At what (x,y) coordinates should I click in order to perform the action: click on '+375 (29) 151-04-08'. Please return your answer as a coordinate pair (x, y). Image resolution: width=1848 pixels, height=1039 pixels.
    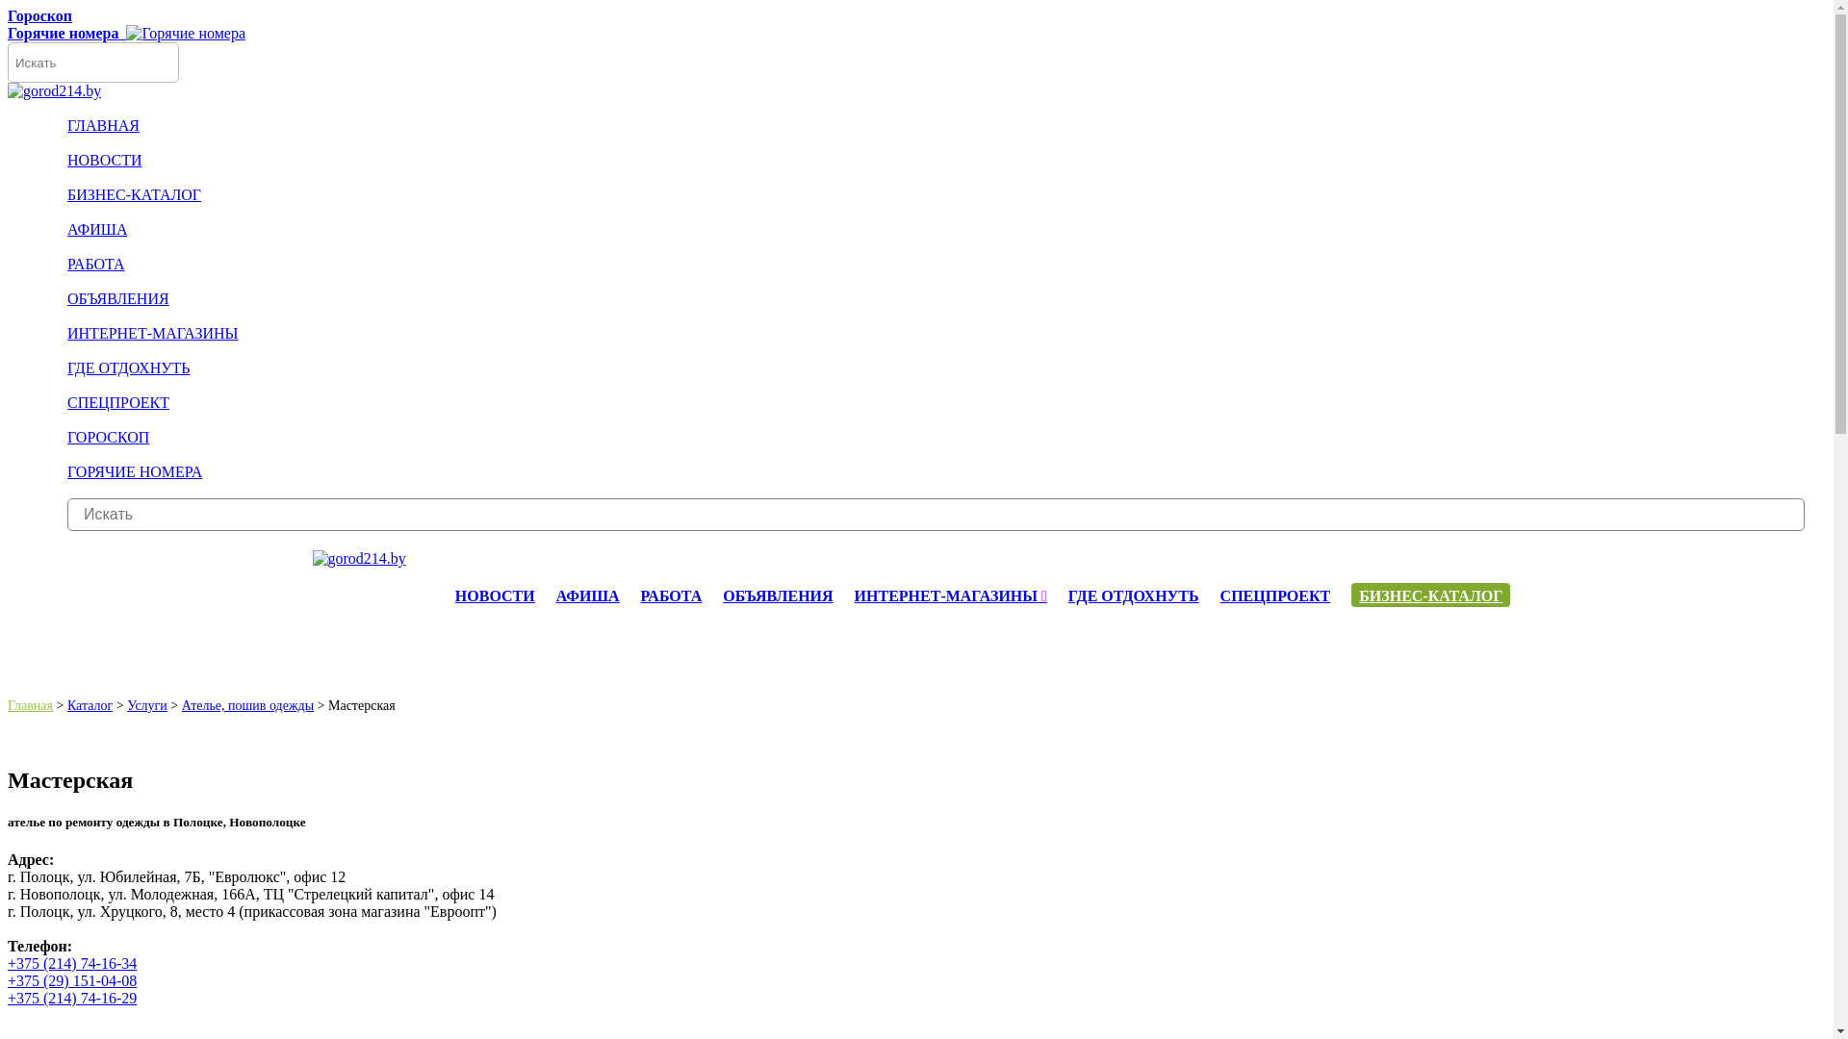
    Looking at the image, I should click on (72, 980).